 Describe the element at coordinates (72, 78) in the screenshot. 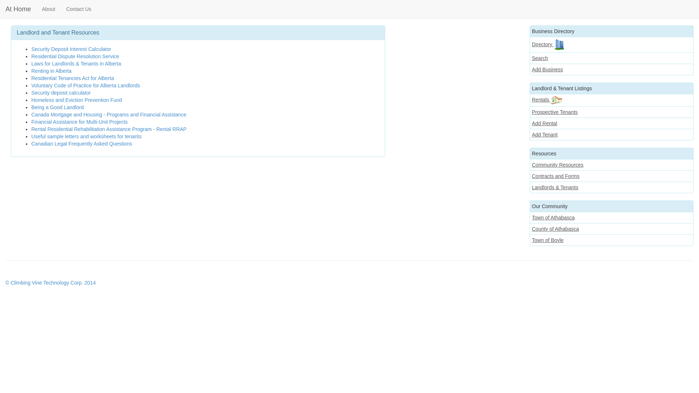

I see `'Residential Tenancies Act for Alberta'` at that location.